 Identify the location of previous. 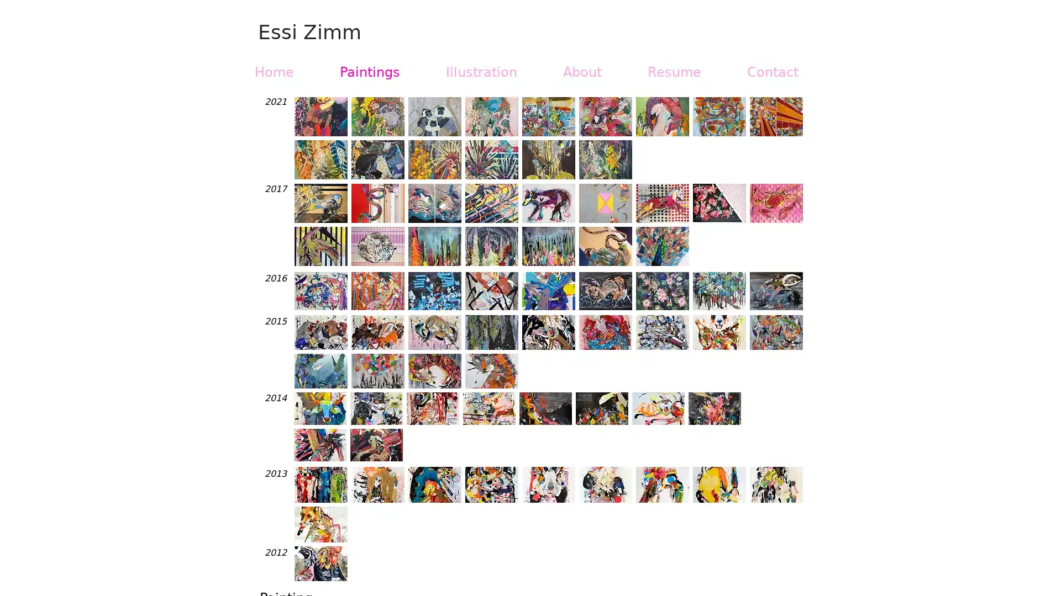
(317, 572).